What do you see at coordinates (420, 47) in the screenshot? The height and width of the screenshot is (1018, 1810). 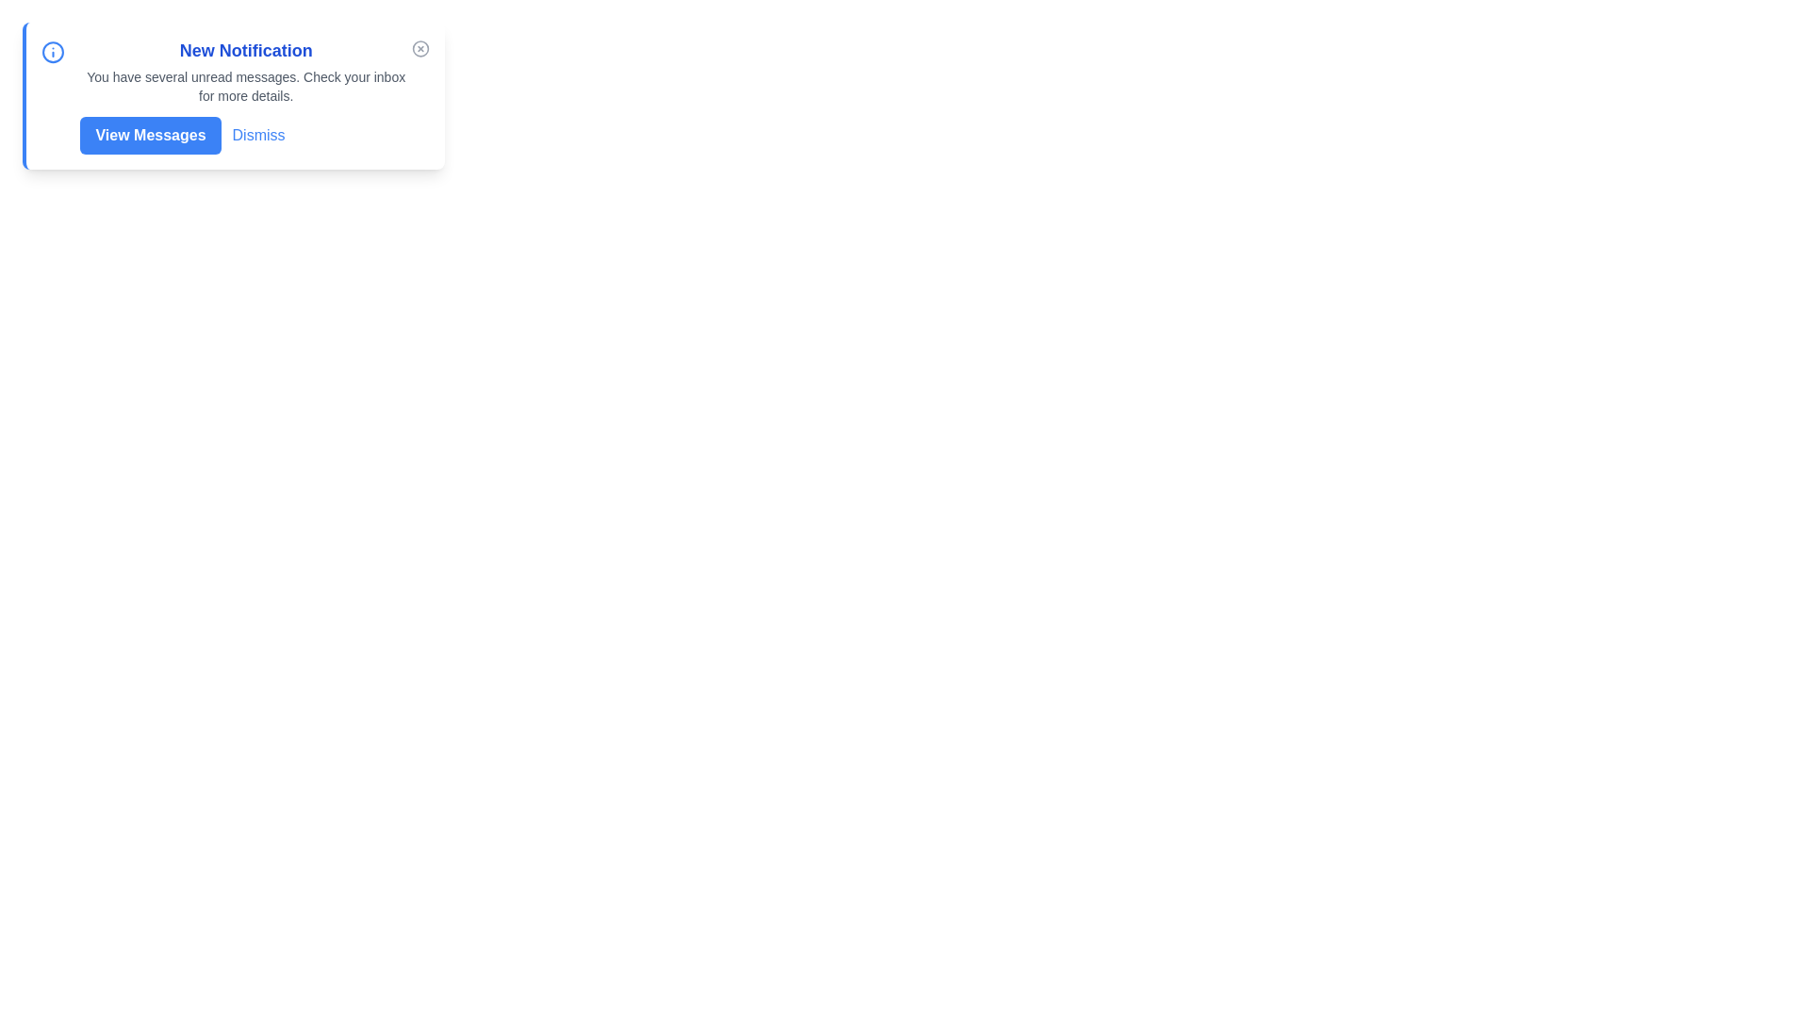 I see `the 'X' icon button enclosed in a hollow circle located at the top-right corner of the 'New Notification' card to observe the visual effect` at bounding box center [420, 47].